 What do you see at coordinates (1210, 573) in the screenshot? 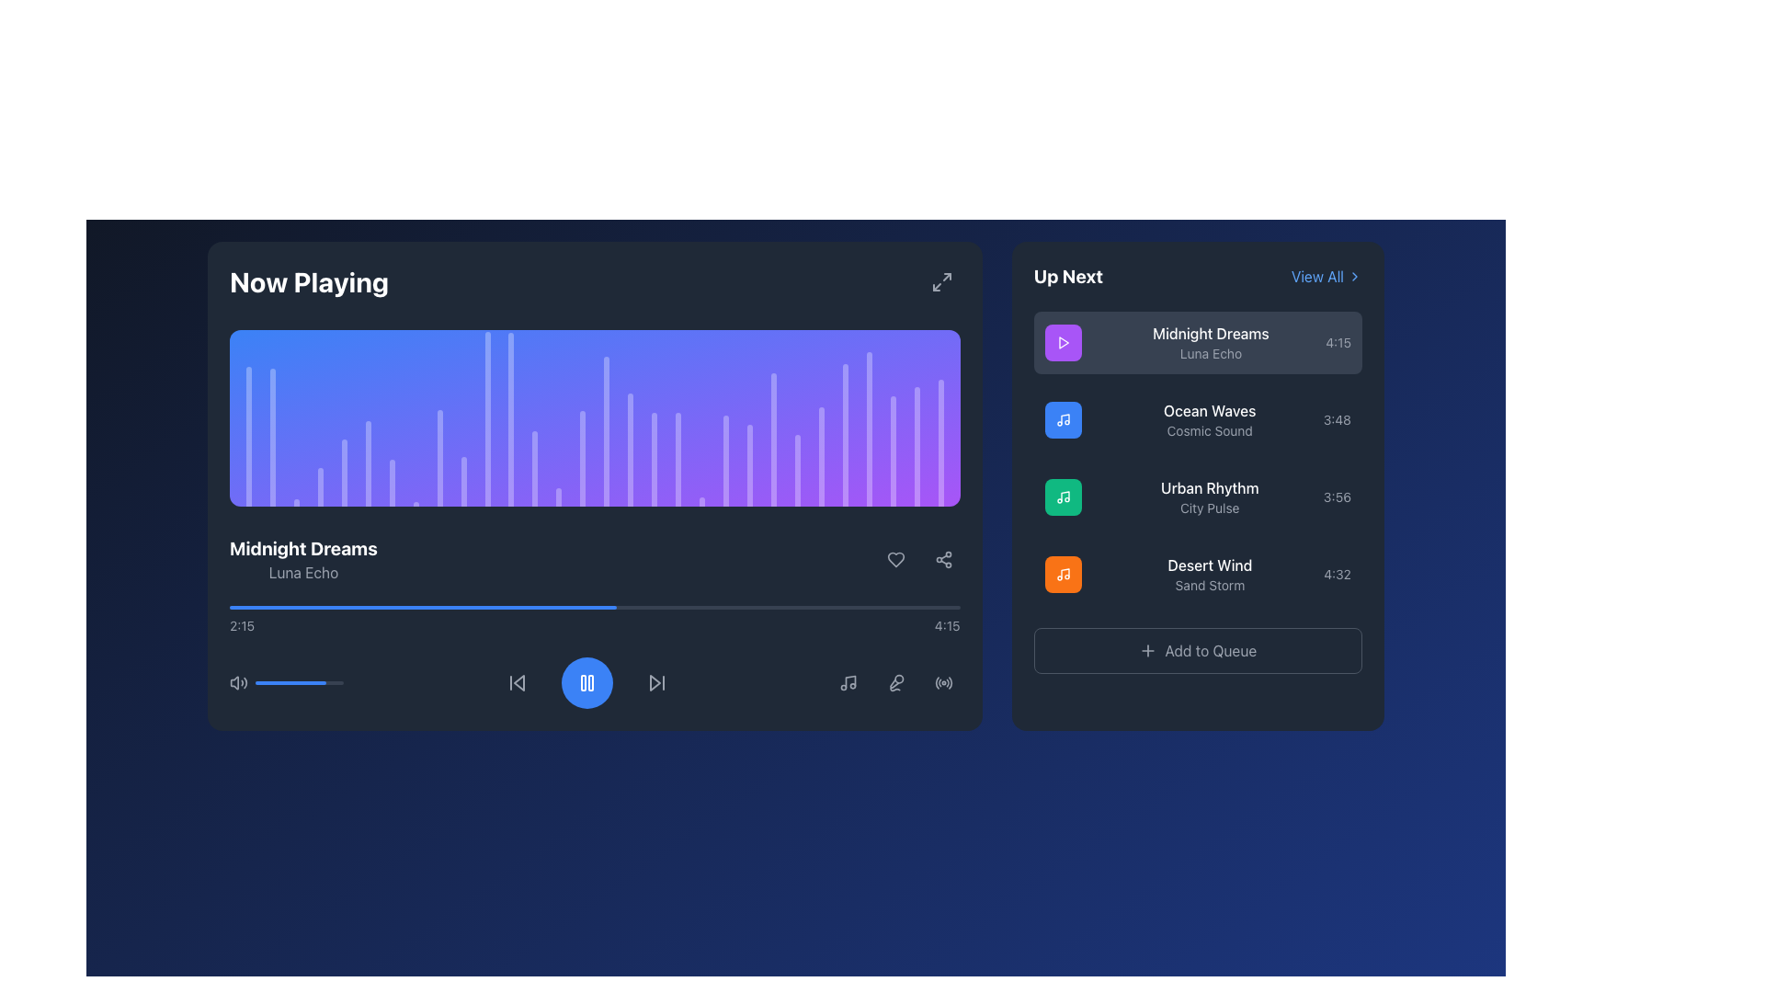
I see `the text label that displays 'Desert Wind' and 'Sand Storm' in the 'Up Next' section of the application, positioned as the fourth item in the vertical list` at bounding box center [1210, 573].